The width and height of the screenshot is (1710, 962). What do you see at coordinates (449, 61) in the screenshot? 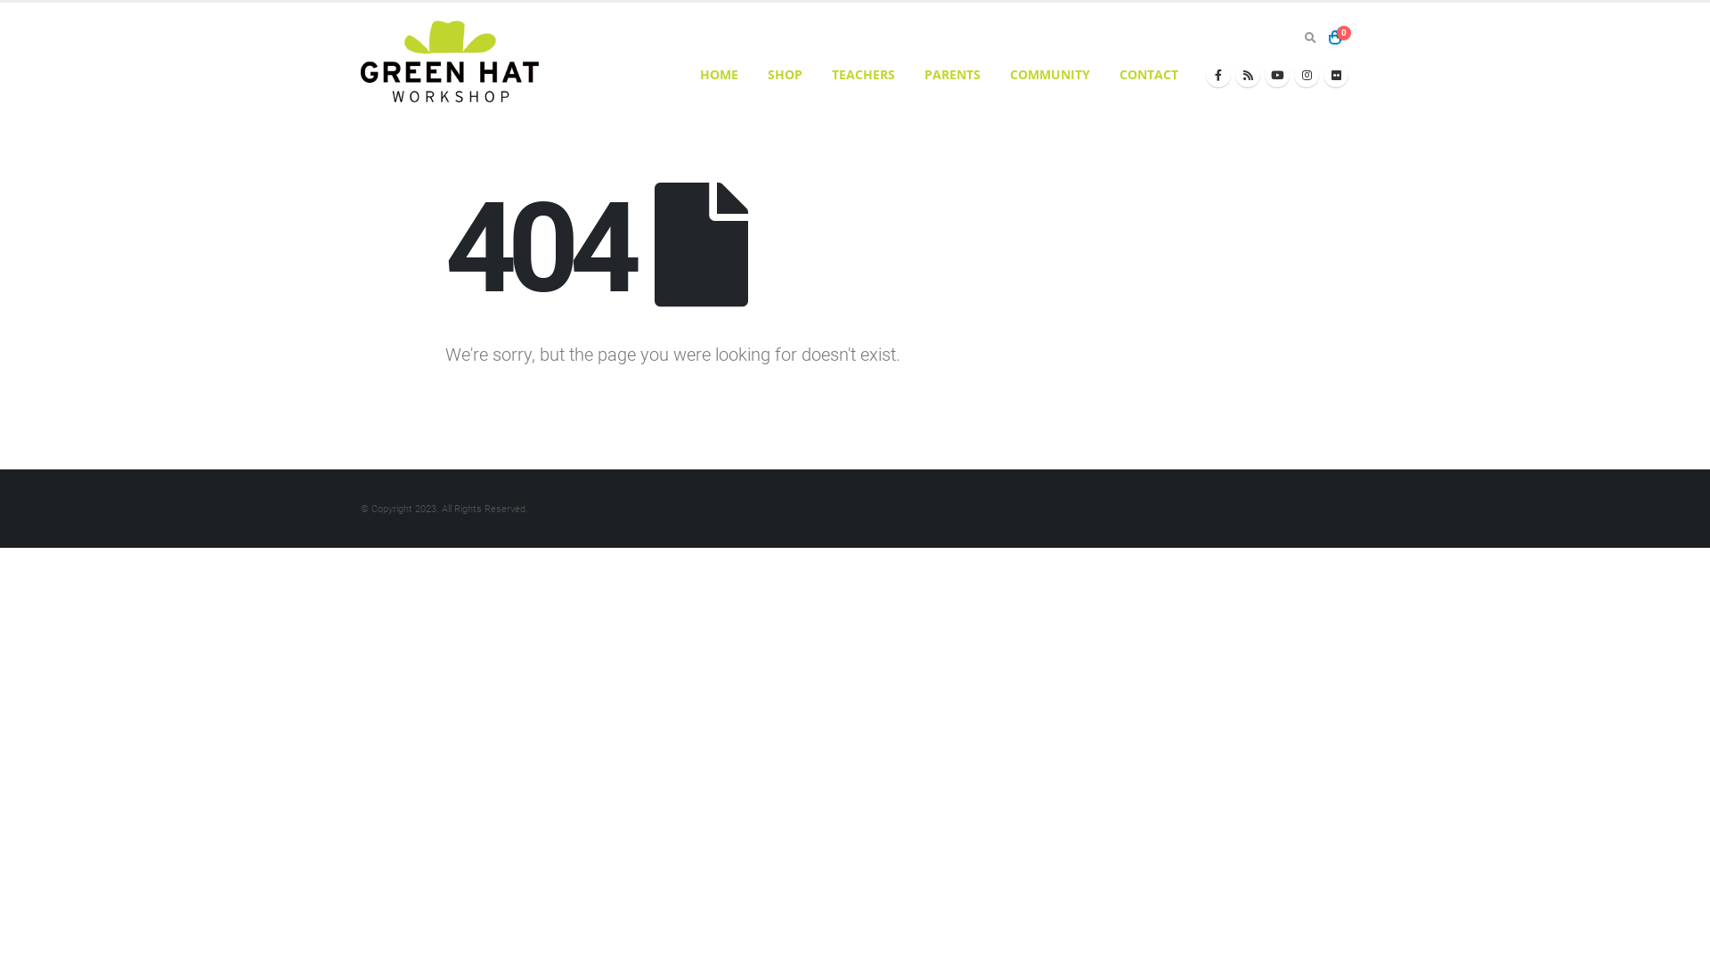
I see `'Greenhatworkshop - Inspiring Creative Minds'` at bounding box center [449, 61].